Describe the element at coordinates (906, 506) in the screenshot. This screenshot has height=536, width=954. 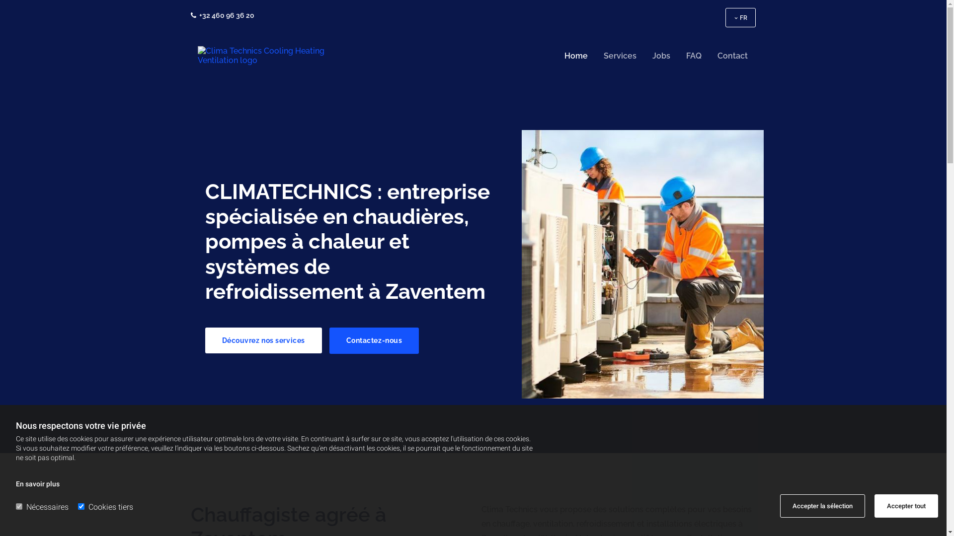
I see `'Accepter tout'` at that location.